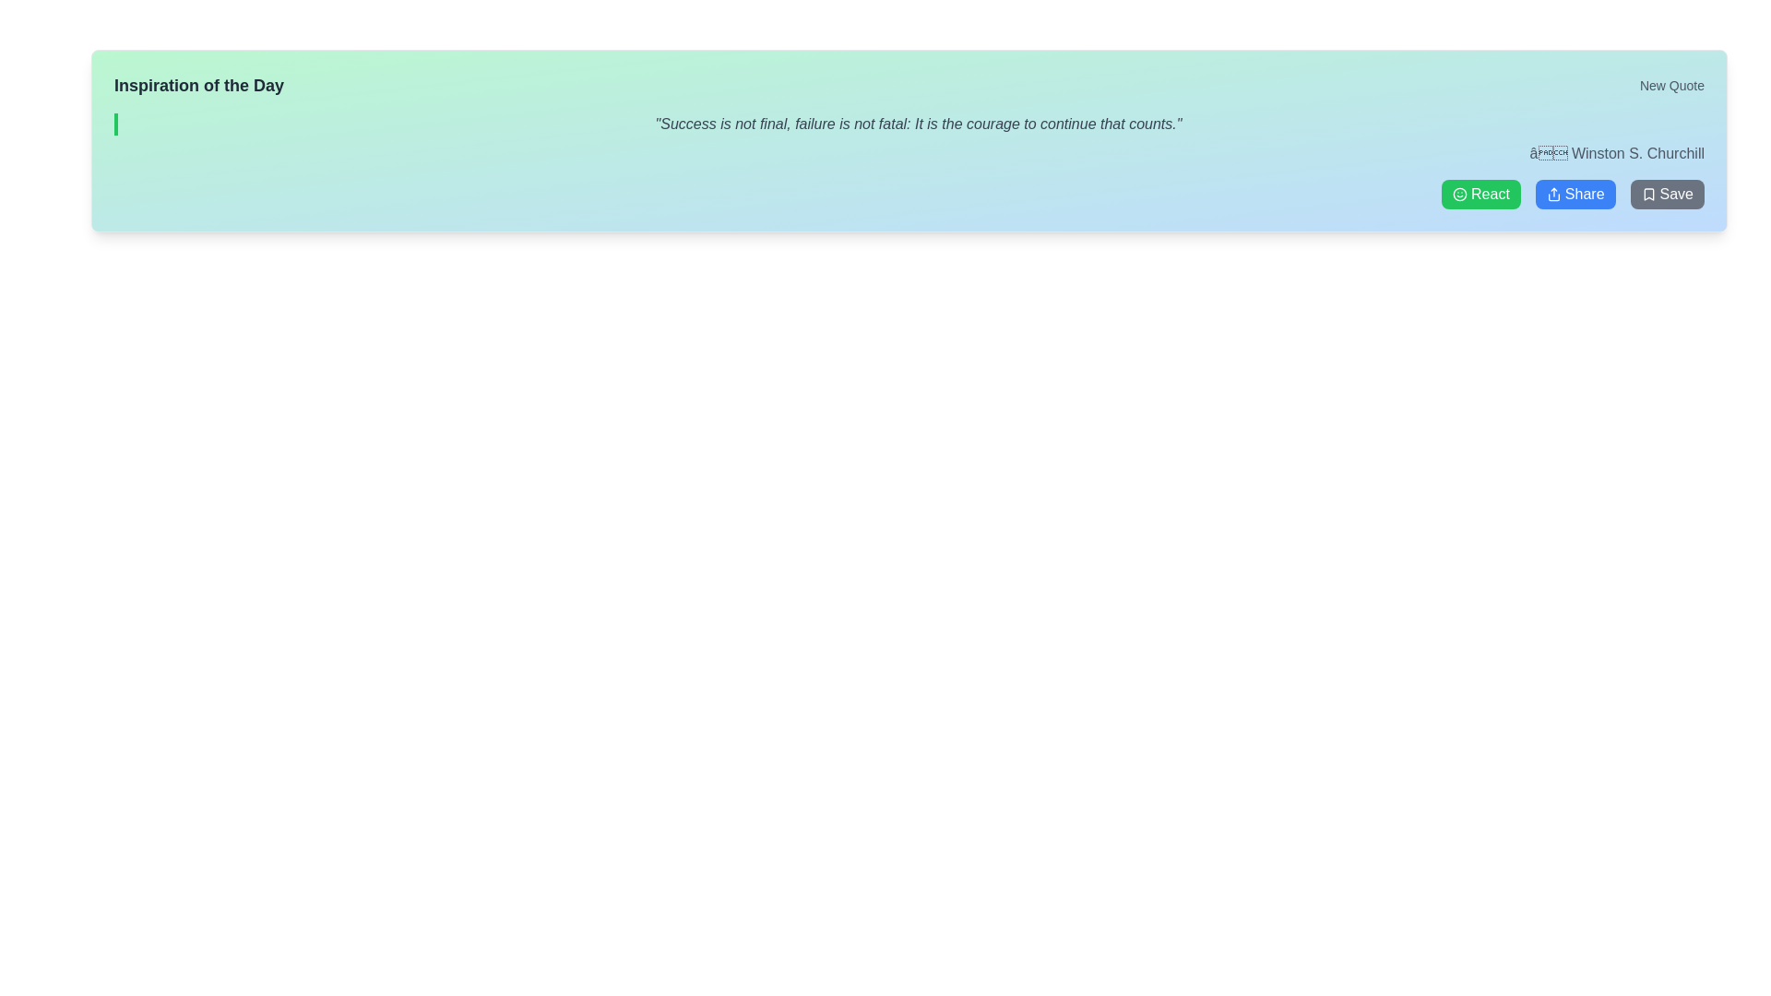 This screenshot has width=1771, height=996. Describe the element at coordinates (1648, 195) in the screenshot. I see `the bookmark icon, which is a minimalistic upside-down flag shape located in the top-right section of the interface near 'Winston S. Churchill'` at that location.